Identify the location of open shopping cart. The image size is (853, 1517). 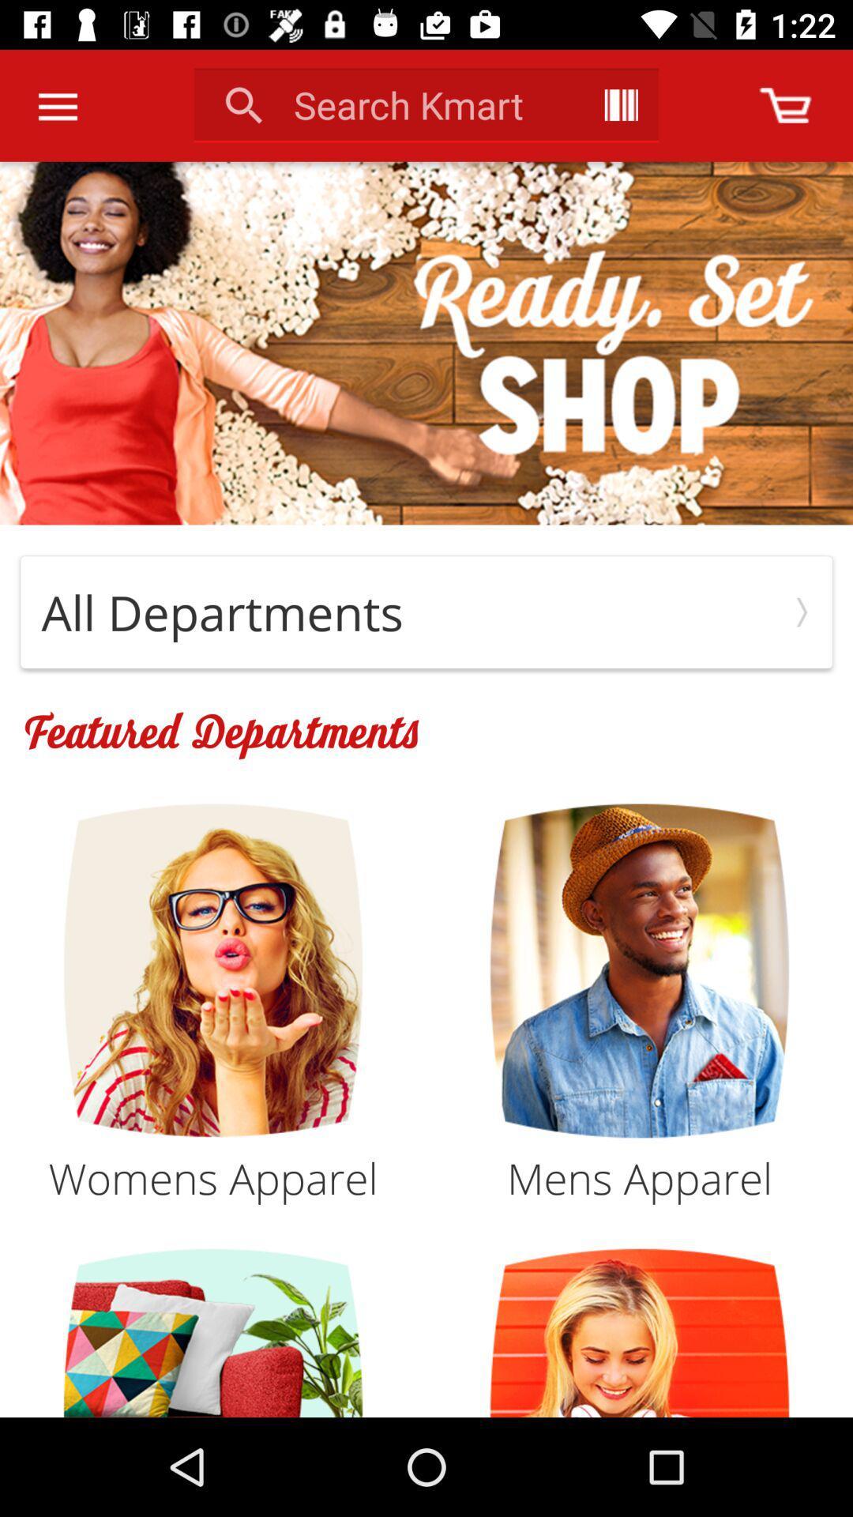
(785, 104).